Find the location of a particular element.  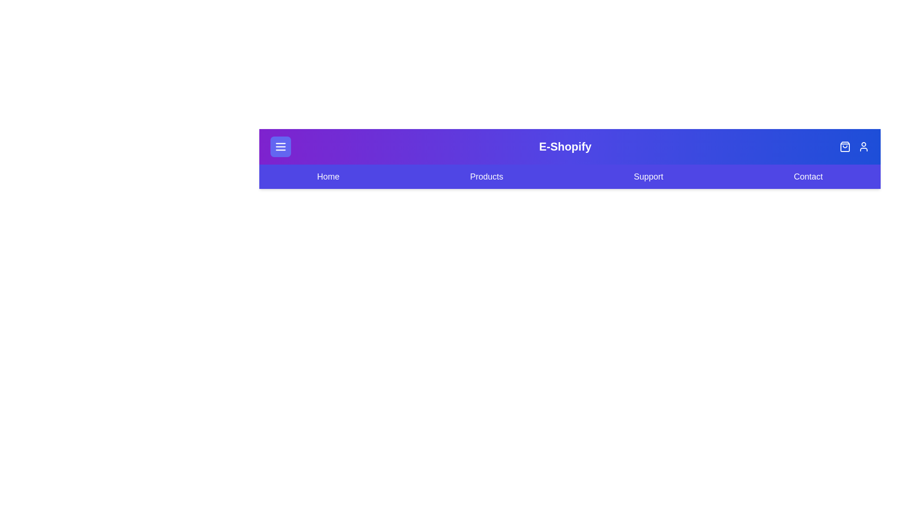

the 'E-Shopify' logo text to focus or inspect is located at coordinates (564, 146).